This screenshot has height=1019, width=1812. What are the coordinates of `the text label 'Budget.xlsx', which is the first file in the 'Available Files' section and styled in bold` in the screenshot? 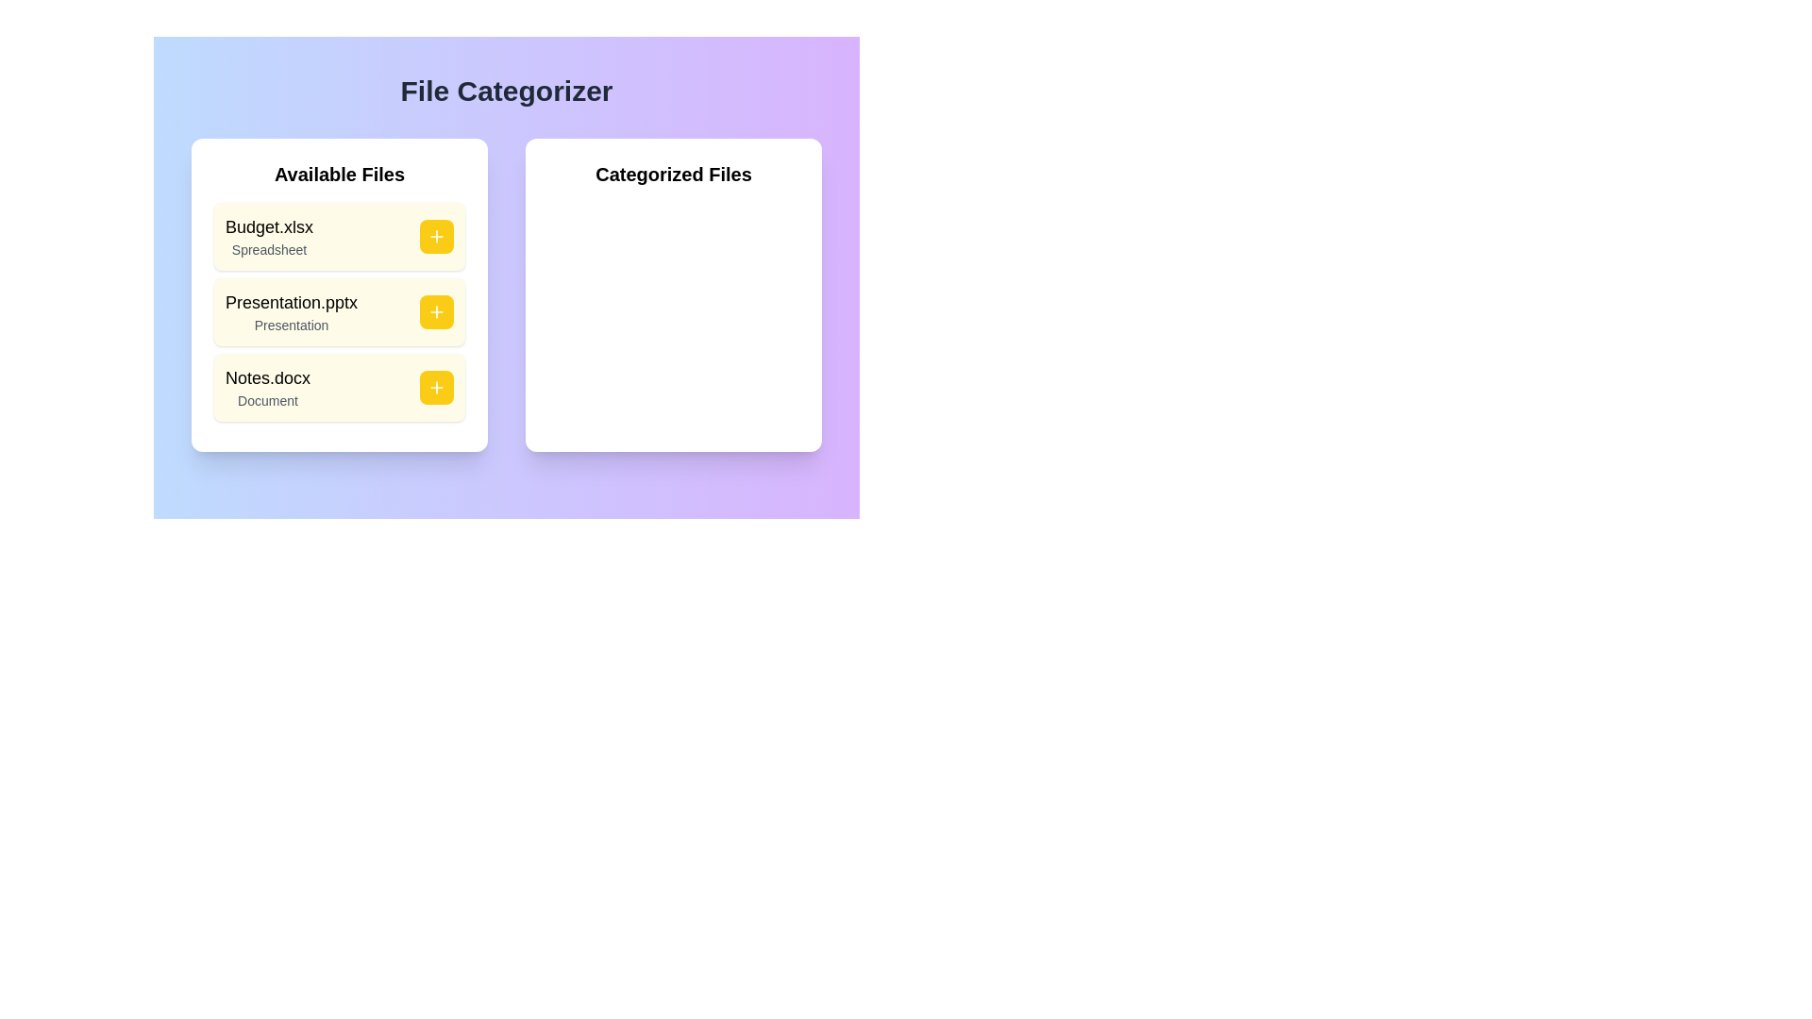 It's located at (268, 226).